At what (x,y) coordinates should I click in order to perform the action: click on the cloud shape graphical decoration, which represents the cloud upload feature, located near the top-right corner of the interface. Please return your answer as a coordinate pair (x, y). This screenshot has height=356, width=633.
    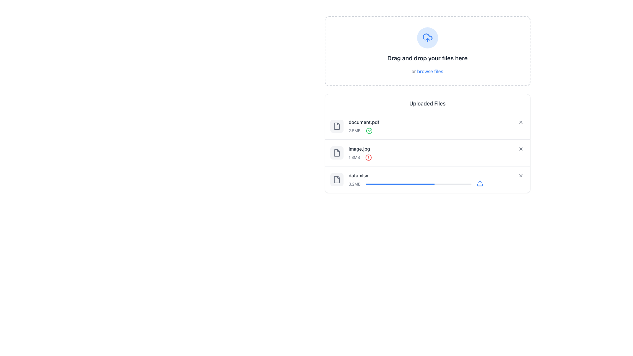
    Looking at the image, I should click on (427, 37).